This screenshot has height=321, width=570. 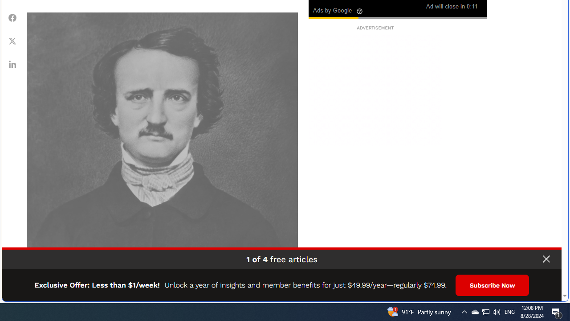 I want to click on 'Class: article-sharing__item', so click(x=12, y=63).